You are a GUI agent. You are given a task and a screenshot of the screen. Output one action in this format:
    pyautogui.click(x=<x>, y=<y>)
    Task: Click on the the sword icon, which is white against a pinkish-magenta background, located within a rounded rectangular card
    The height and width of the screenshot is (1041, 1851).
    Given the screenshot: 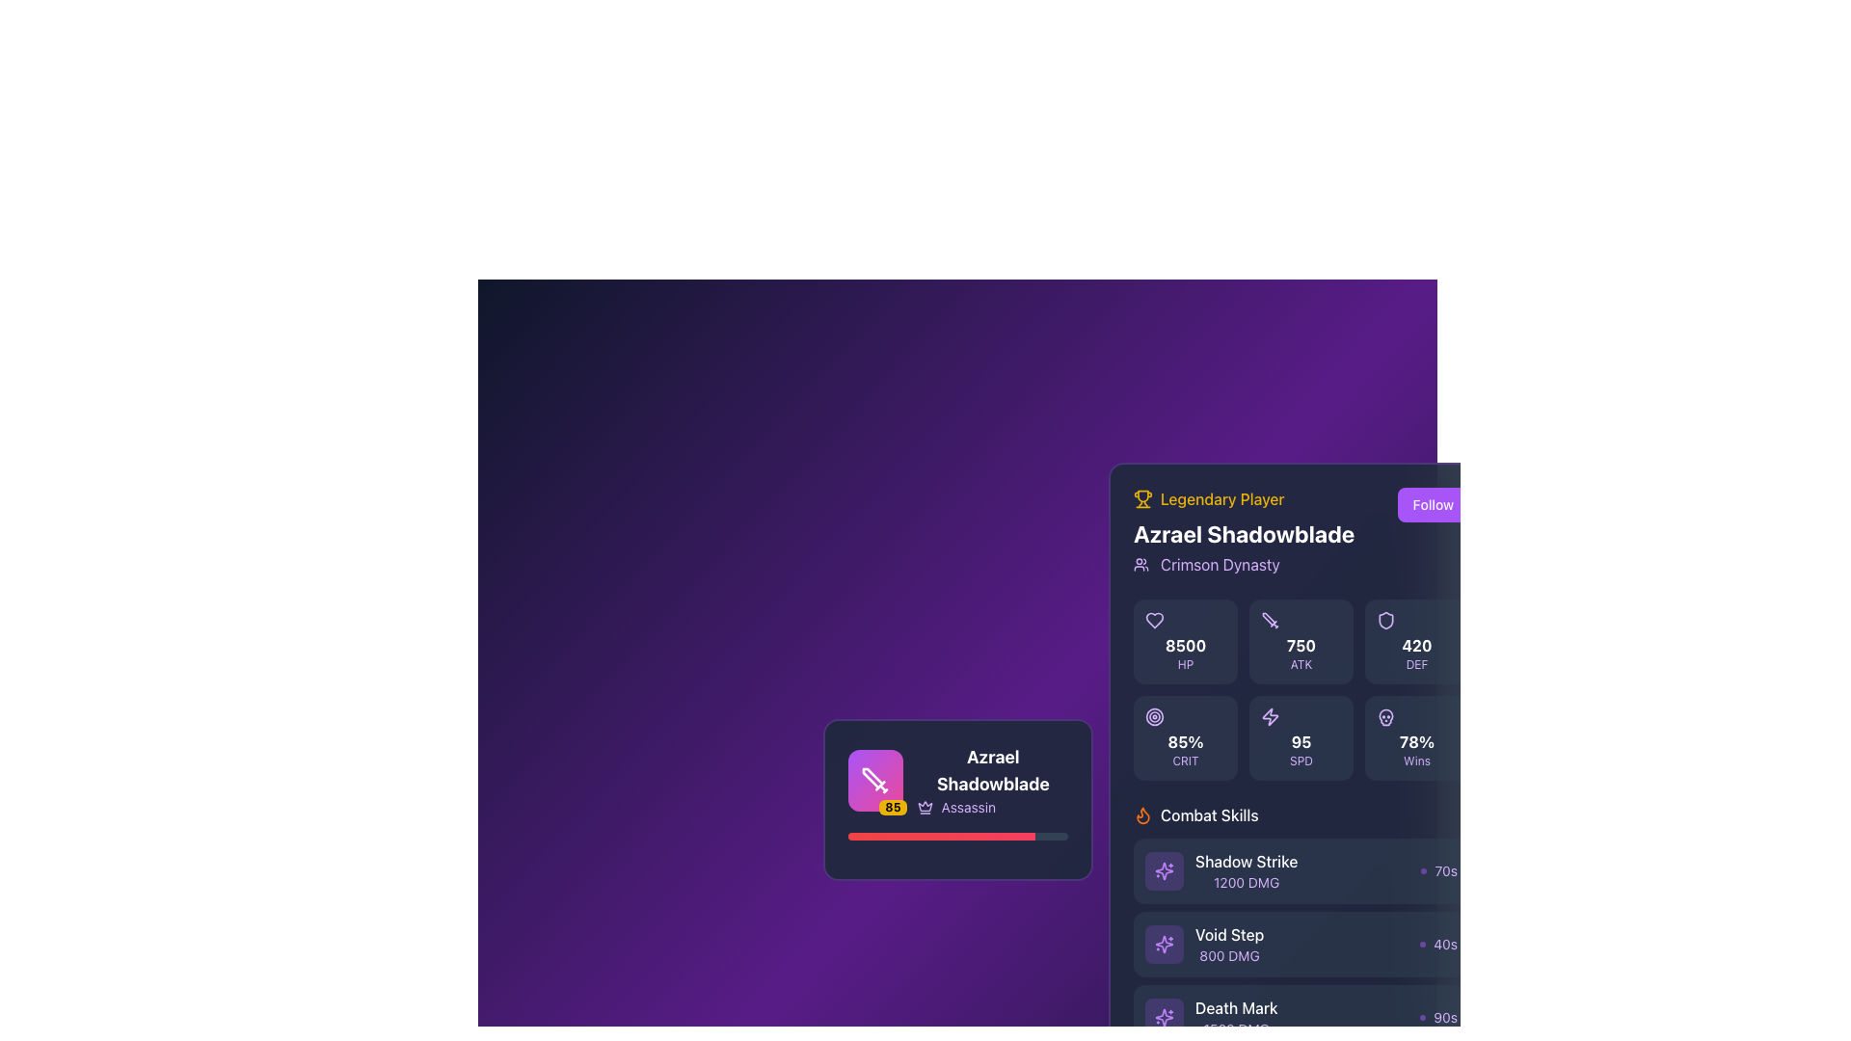 What is the action you would take?
    pyautogui.click(x=873, y=781)
    